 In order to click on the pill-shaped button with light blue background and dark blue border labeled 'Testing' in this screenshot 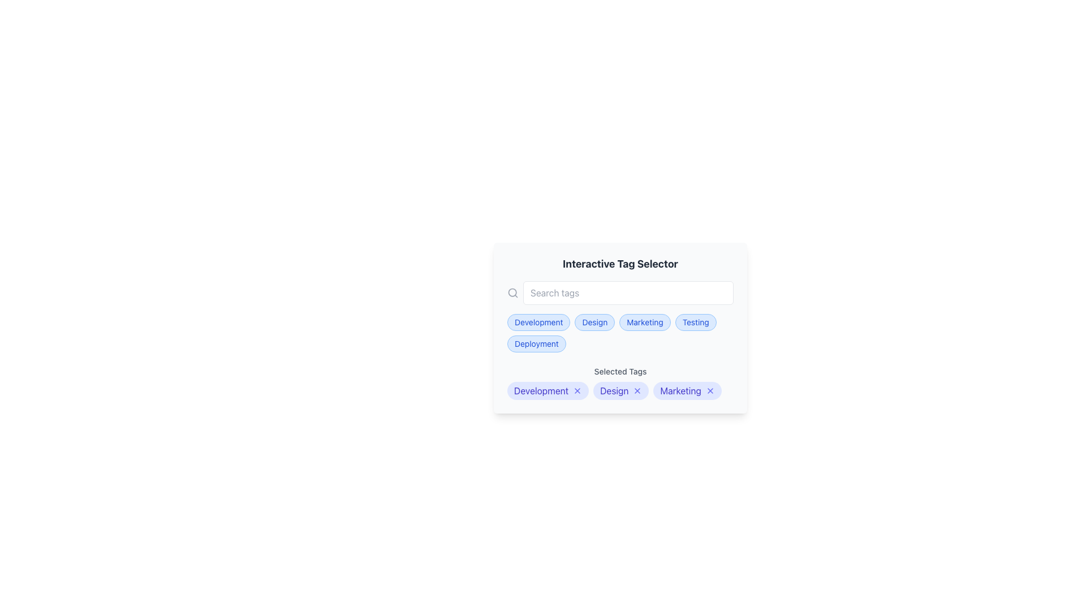, I will do `click(695, 322)`.